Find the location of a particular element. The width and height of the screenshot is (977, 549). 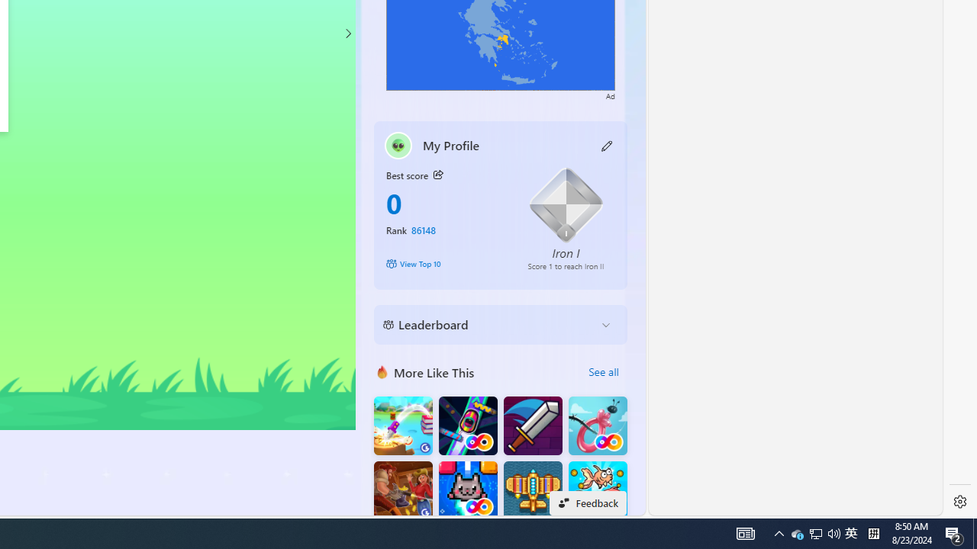

'Knife Flip' is located at coordinates (403, 425).